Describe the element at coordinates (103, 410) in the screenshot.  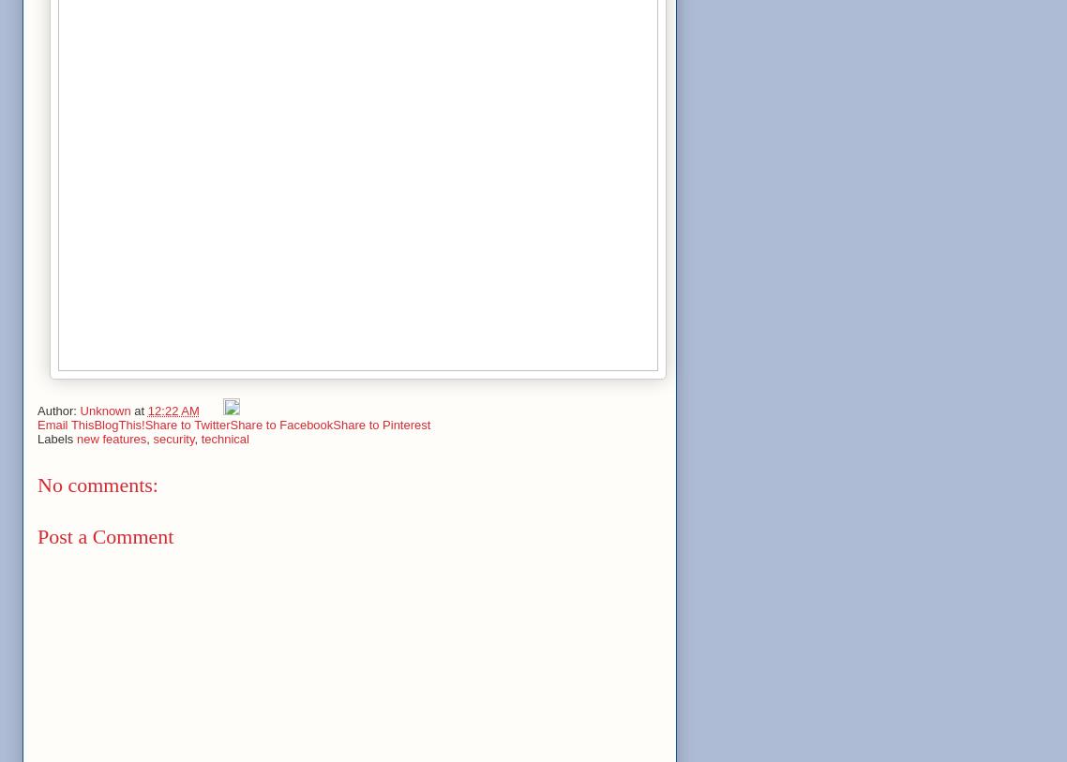
I see `'Unknown'` at that location.